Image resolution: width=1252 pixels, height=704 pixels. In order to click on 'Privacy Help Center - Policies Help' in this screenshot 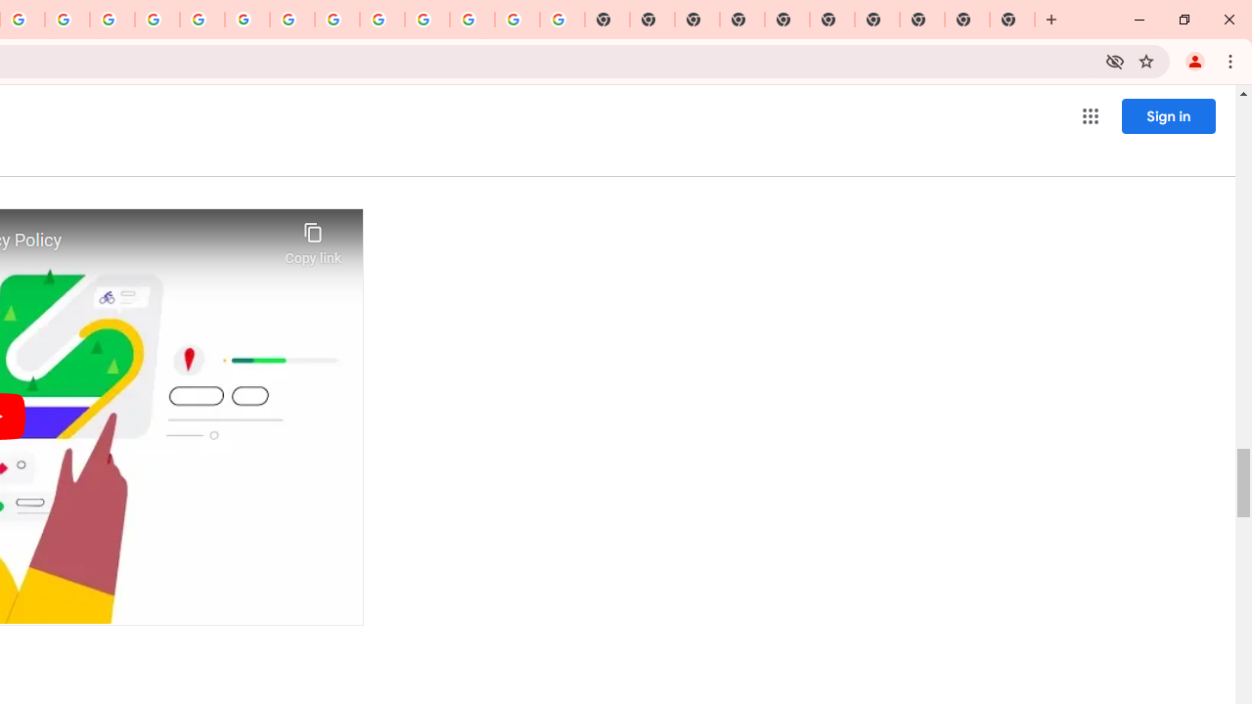, I will do `click(112, 20)`.